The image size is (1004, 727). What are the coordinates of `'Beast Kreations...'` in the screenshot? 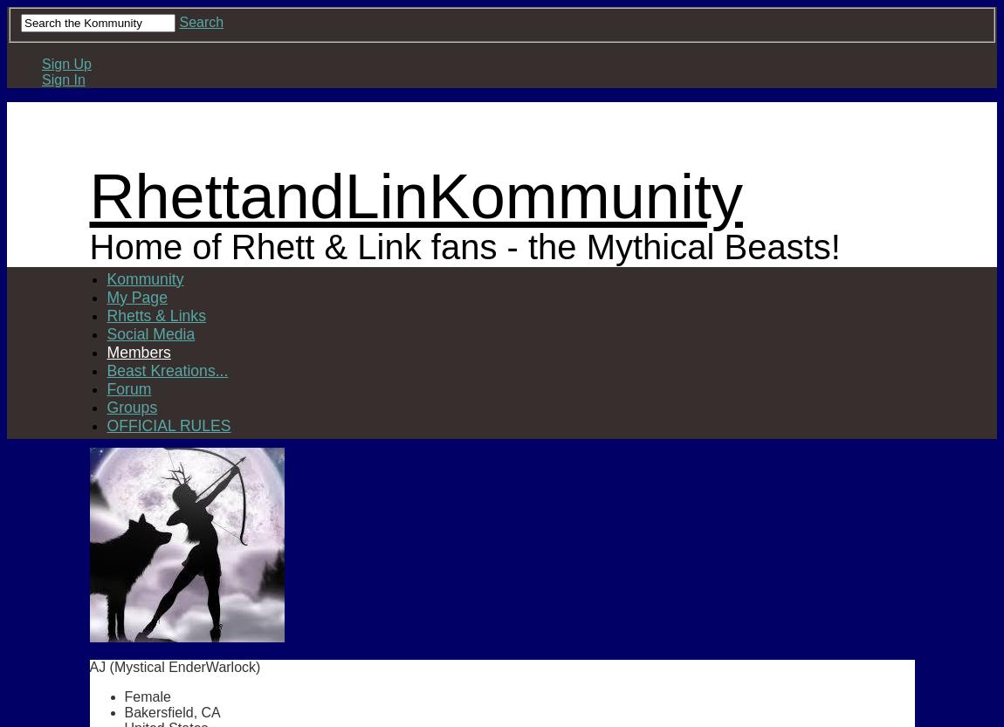 It's located at (166, 368).